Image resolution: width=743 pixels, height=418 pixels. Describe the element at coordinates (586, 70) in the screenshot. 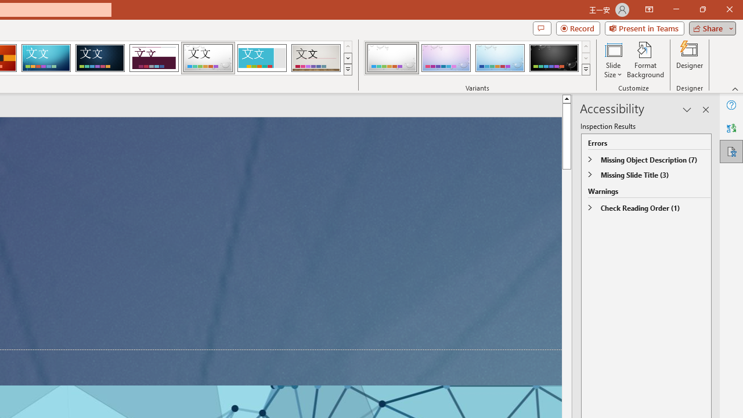

I see `'Variants'` at that location.